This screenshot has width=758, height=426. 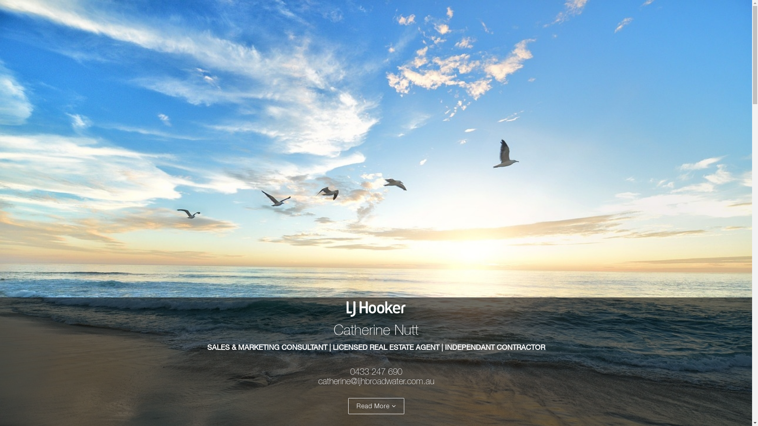 I want to click on 'Read More', so click(x=348, y=406).